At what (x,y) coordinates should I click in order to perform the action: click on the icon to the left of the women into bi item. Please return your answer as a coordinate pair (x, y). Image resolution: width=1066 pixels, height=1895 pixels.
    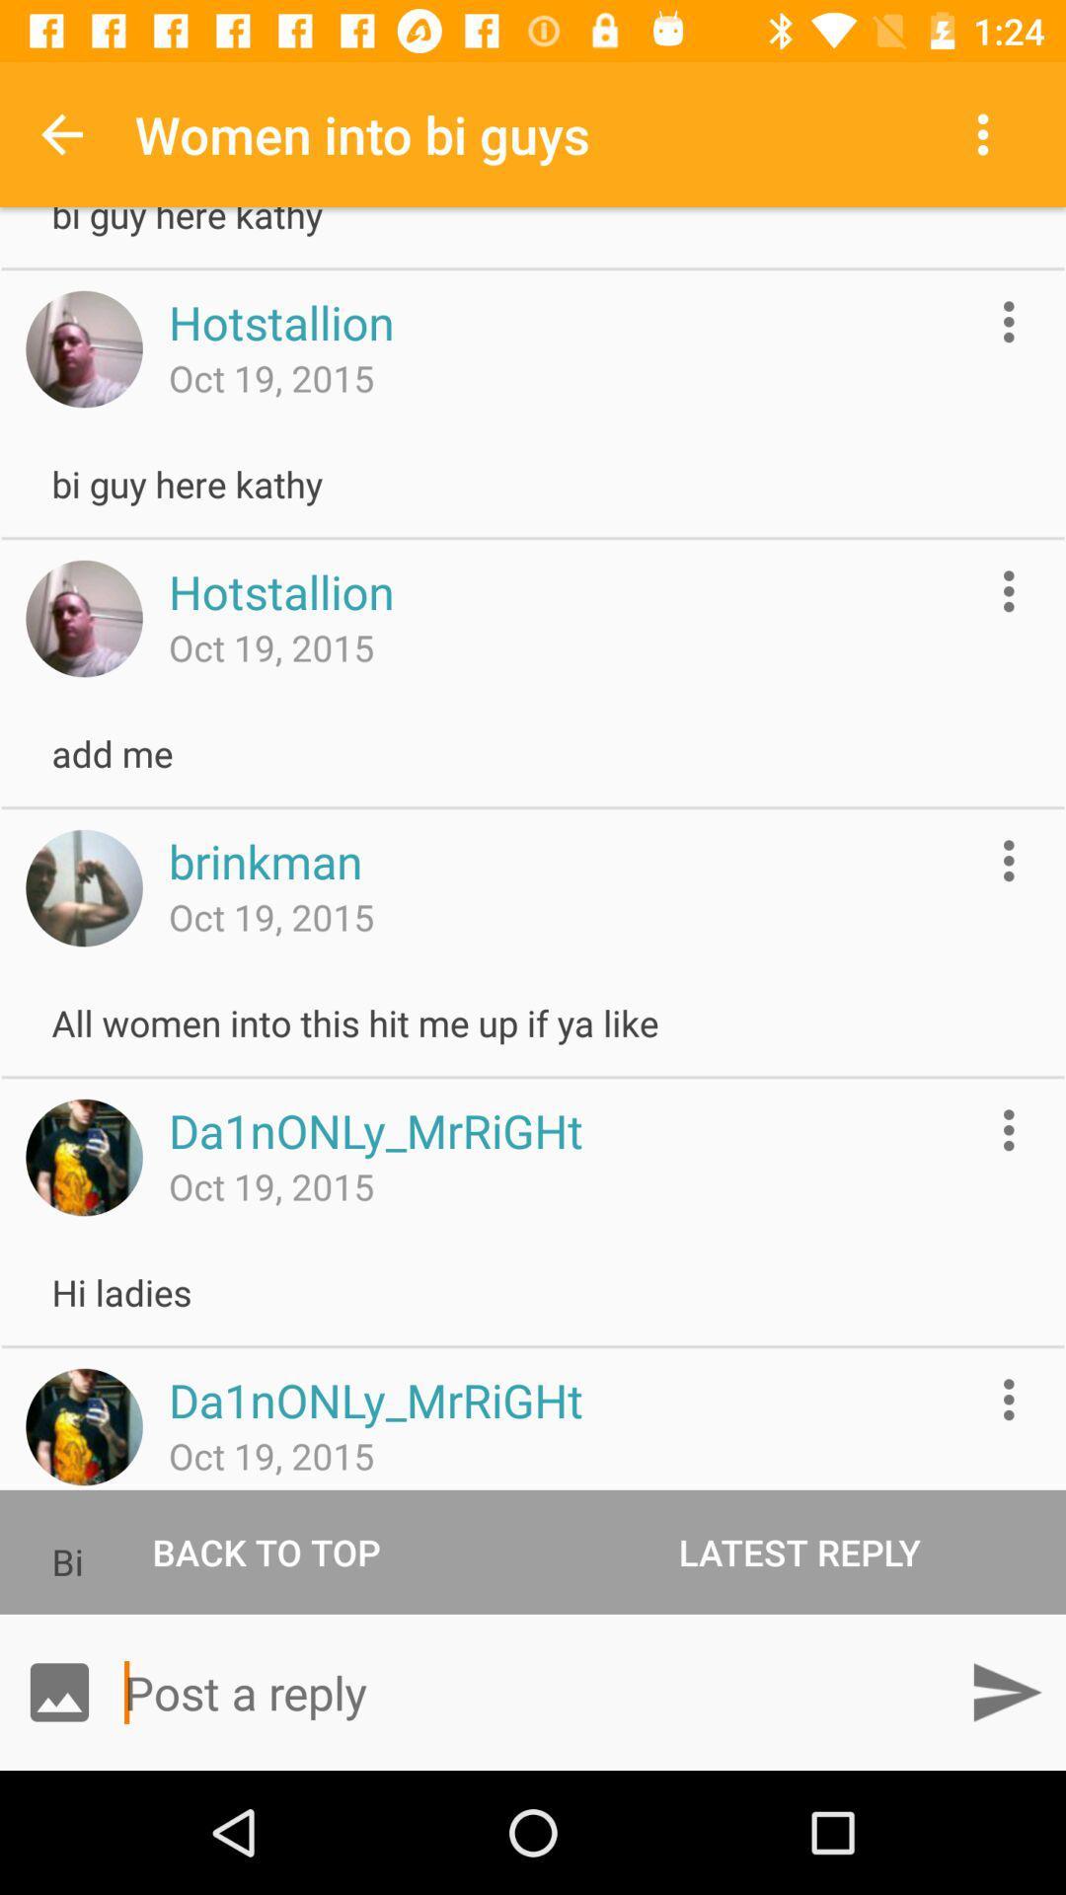
    Looking at the image, I should click on (60, 133).